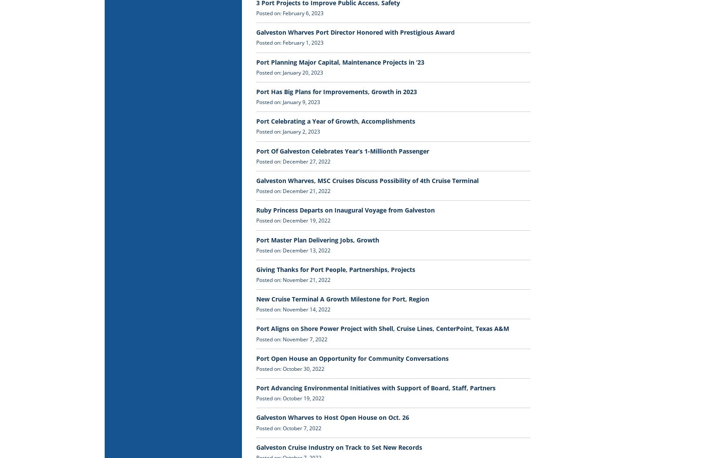 The image size is (718, 458). What do you see at coordinates (289, 72) in the screenshot?
I see `'Posted on: January 20, 2023'` at bounding box center [289, 72].